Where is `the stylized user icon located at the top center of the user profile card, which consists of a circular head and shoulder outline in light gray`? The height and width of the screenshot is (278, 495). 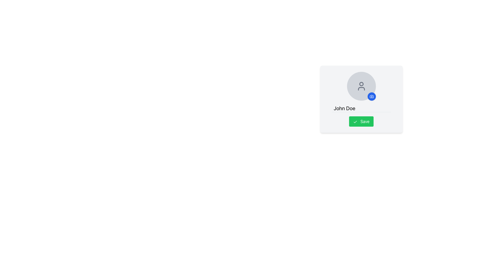
the stylized user icon located at the top center of the user profile card, which consists of a circular head and shoulder outline in light gray is located at coordinates (361, 86).